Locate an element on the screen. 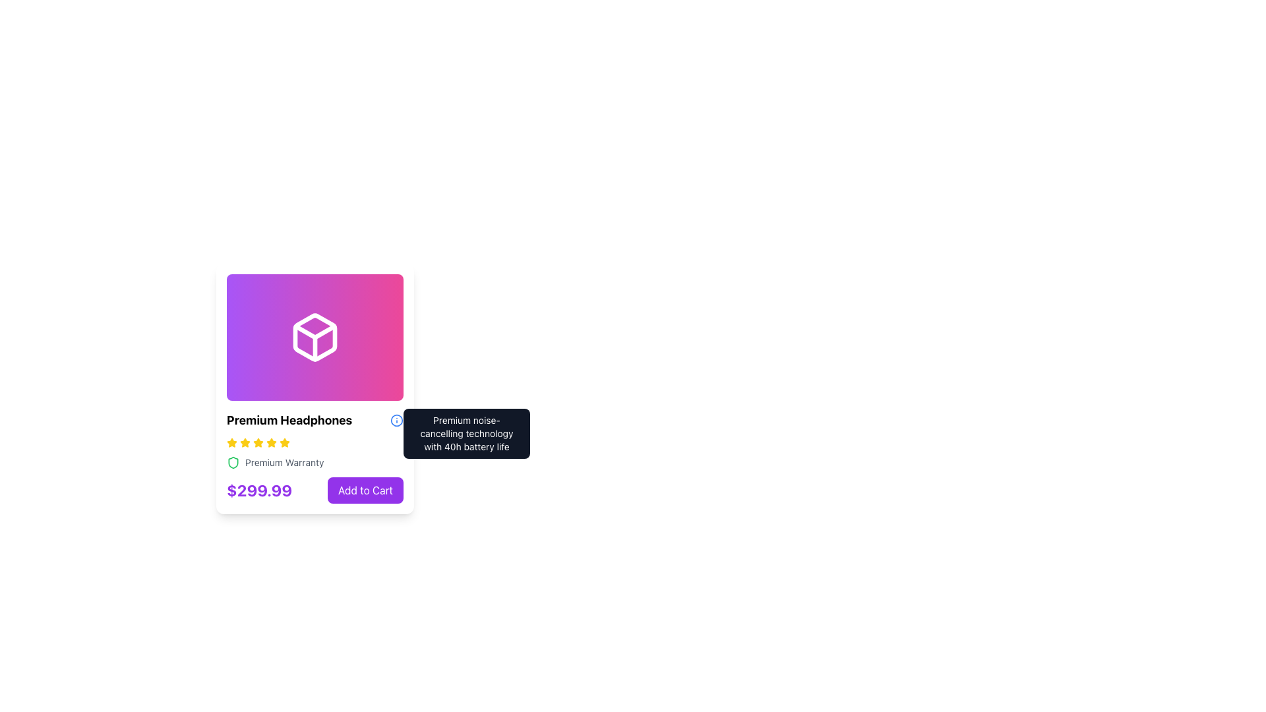 The height and width of the screenshot is (712, 1266). the seventh star in the rating system, which is part of a visual rating for a product or service is located at coordinates (271, 442).